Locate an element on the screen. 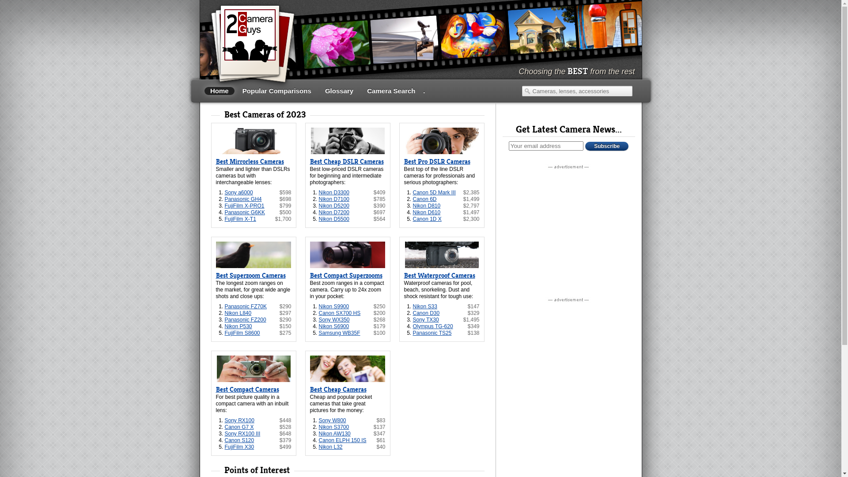  'Advertisement' is located at coordinates (568, 226).